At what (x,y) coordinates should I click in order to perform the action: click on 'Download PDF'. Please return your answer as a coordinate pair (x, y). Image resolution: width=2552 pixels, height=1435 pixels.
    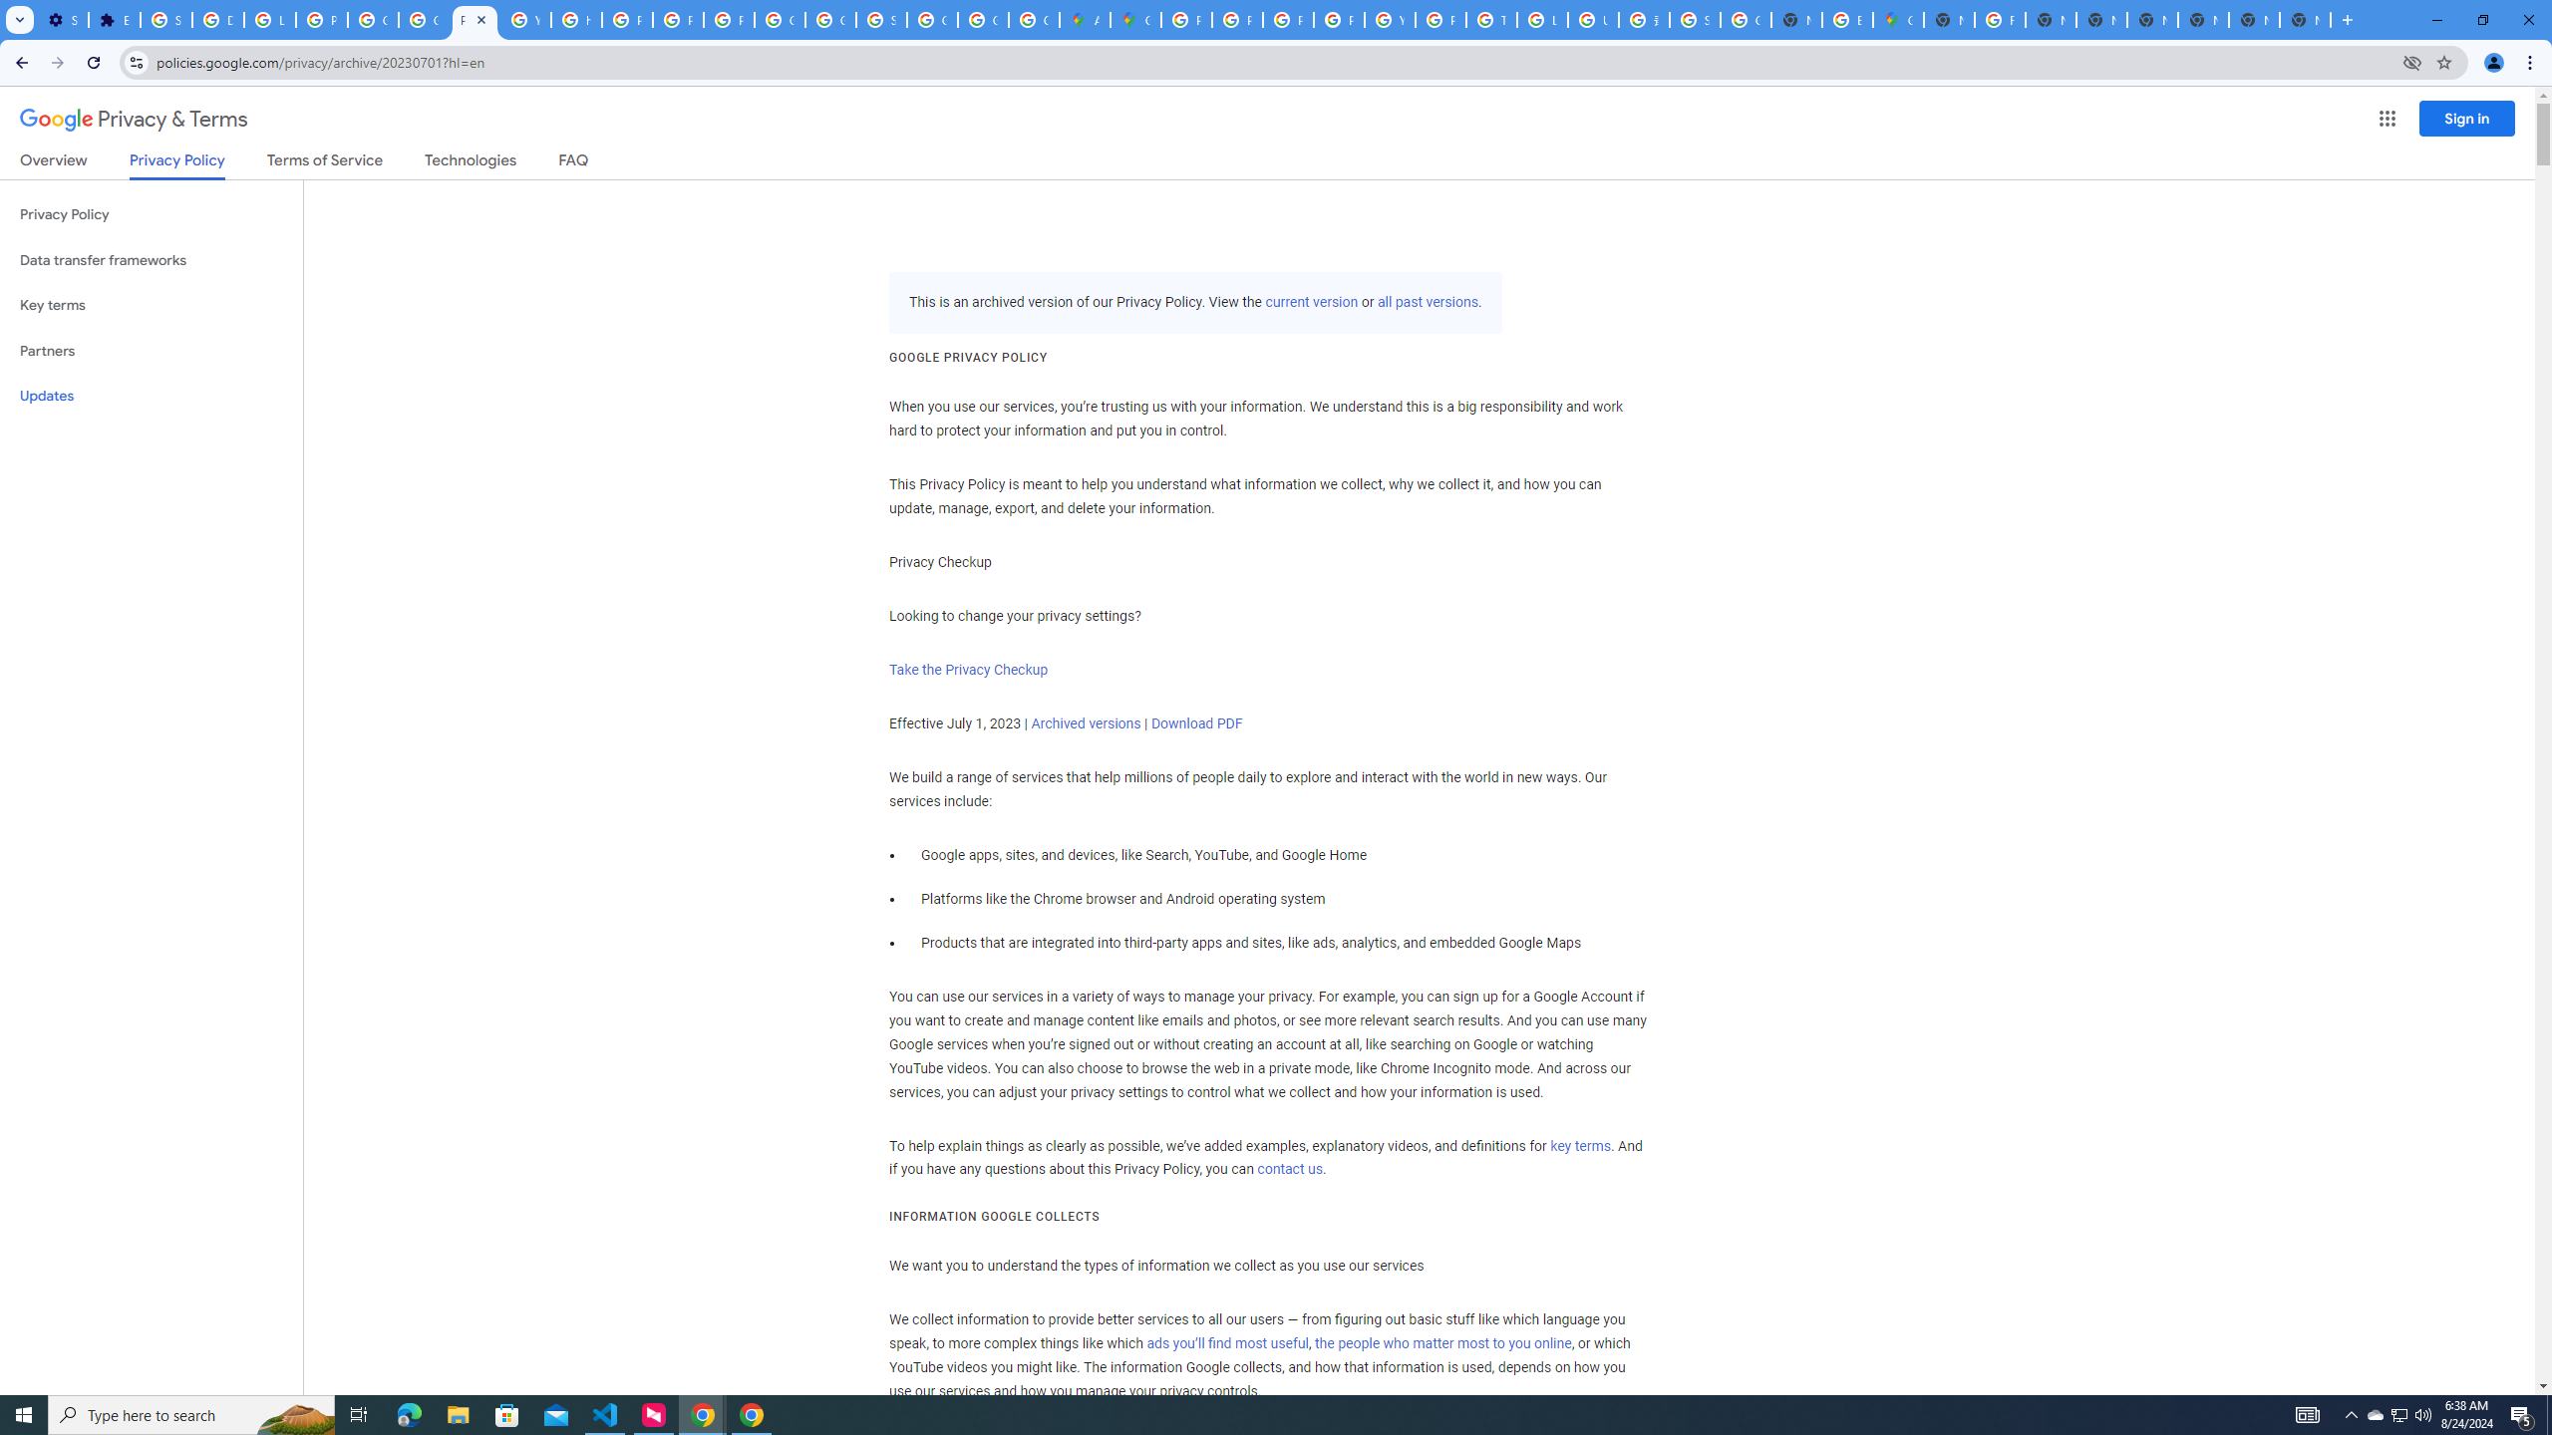
    Looking at the image, I should click on (1195, 721).